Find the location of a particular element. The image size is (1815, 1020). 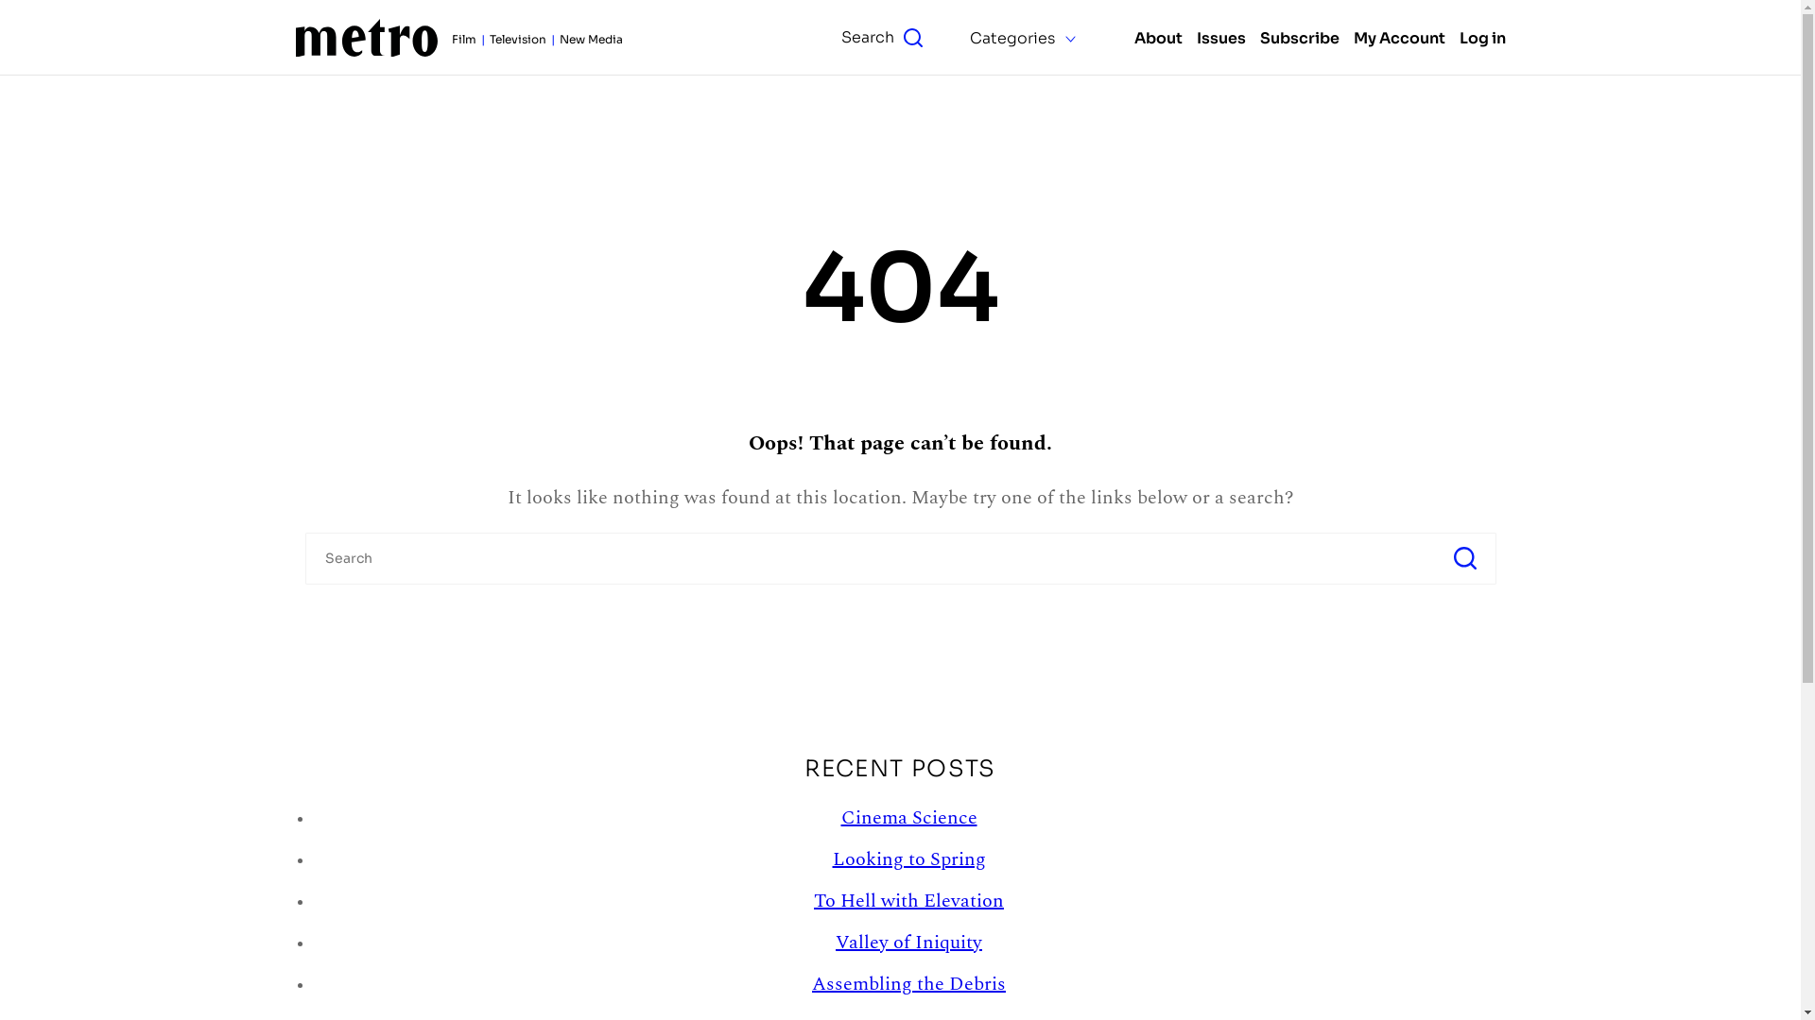

'Valley of Iniquity' is located at coordinates (834, 943).